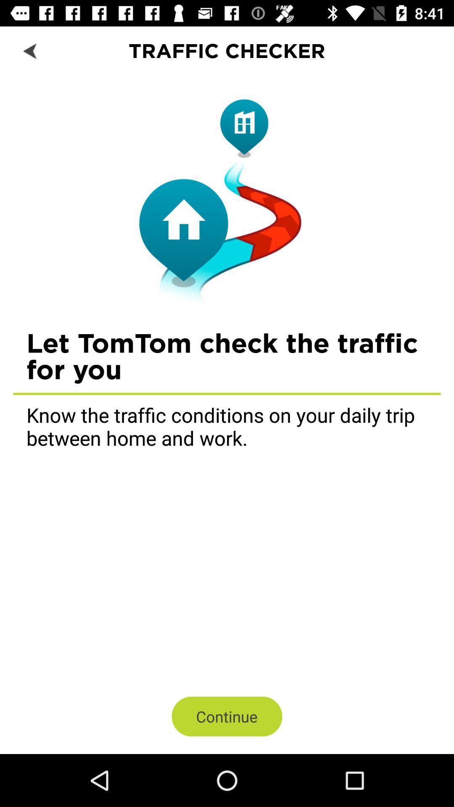 This screenshot has width=454, height=807. Describe the element at coordinates (30, 50) in the screenshot. I see `go back` at that location.